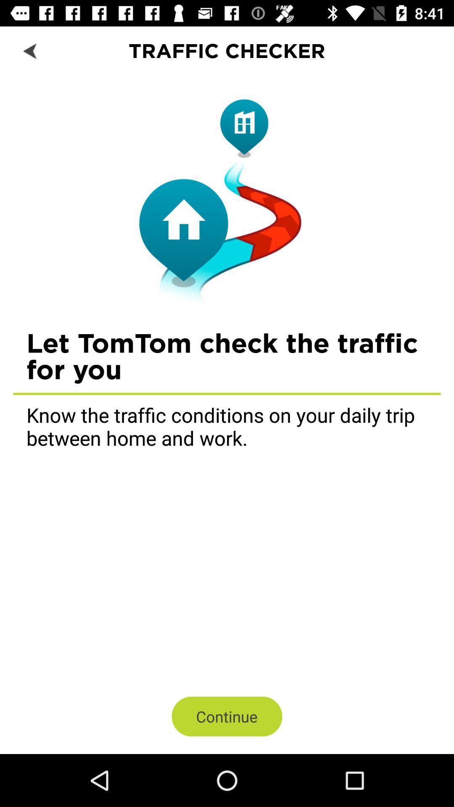 This screenshot has width=454, height=807. Describe the element at coordinates (30, 50) in the screenshot. I see `go back` at that location.